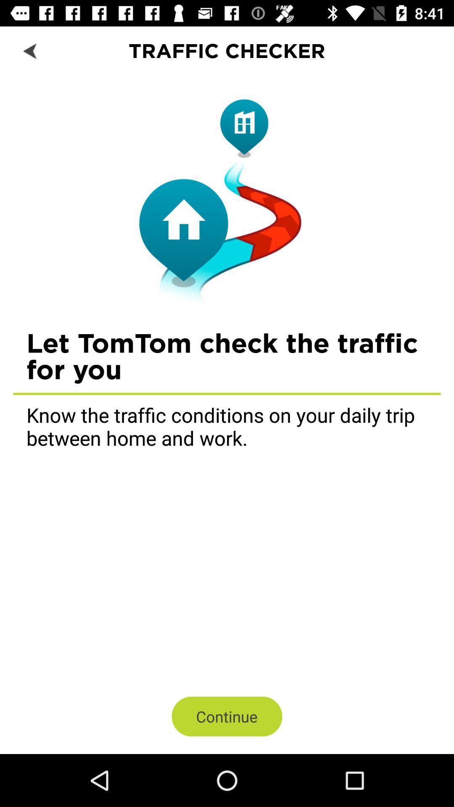 This screenshot has width=454, height=807. Describe the element at coordinates (30, 50) in the screenshot. I see `go back` at that location.